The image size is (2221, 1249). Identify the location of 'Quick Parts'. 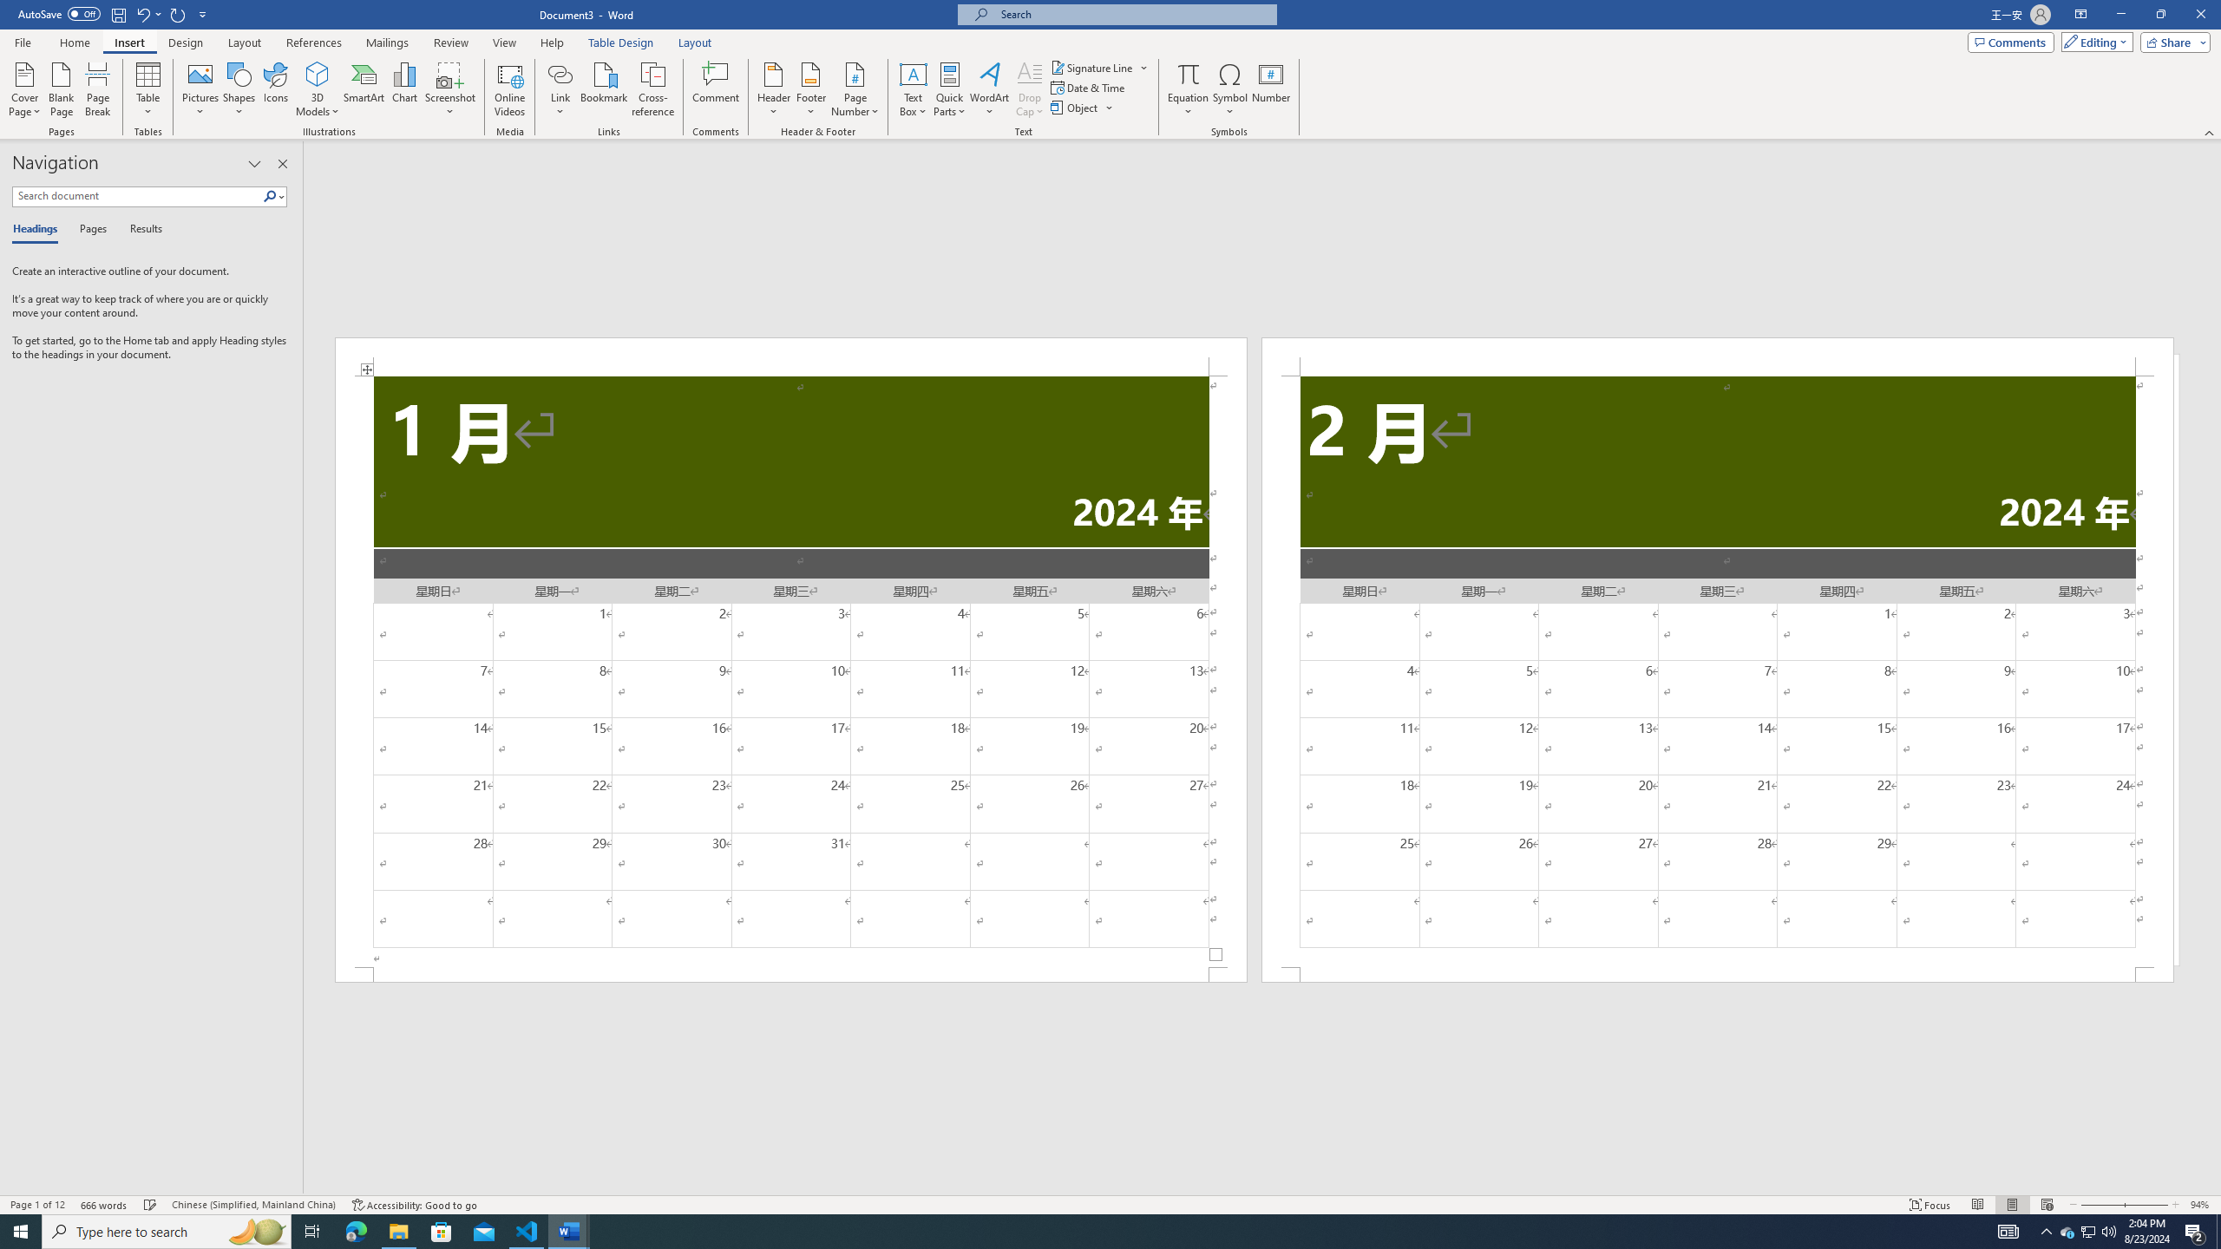
(949, 89).